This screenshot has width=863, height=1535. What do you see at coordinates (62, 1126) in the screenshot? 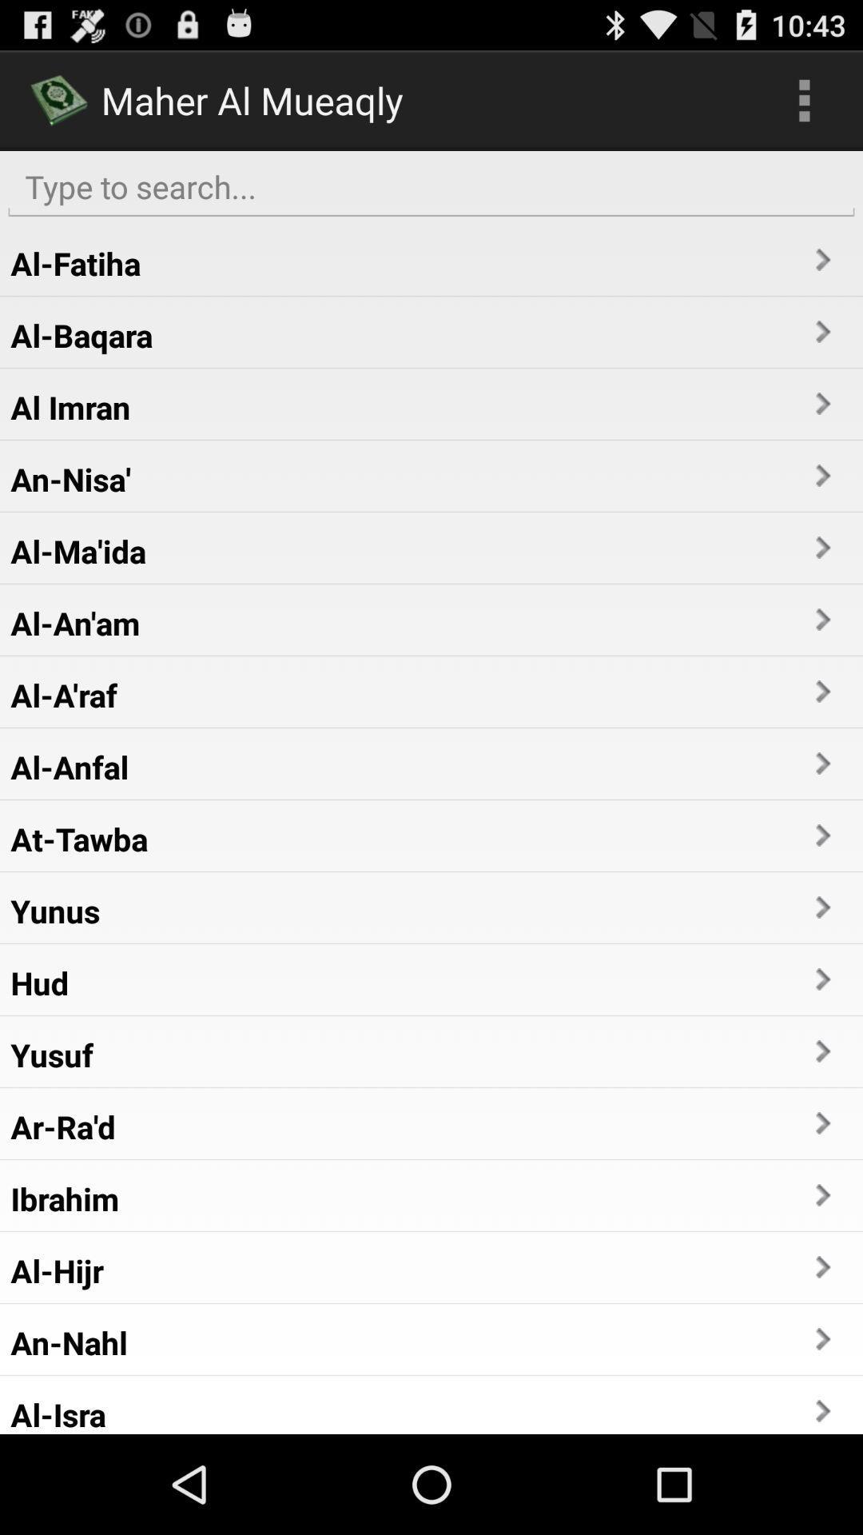
I see `app below yusuf item` at bounding box center [62, 1126].